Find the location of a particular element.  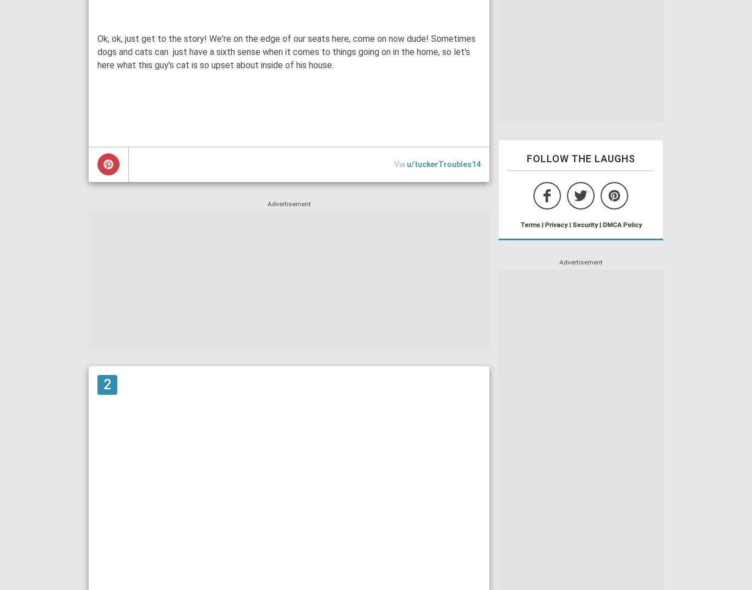

'DMCA Policy' is located at coordinates (621, 223).